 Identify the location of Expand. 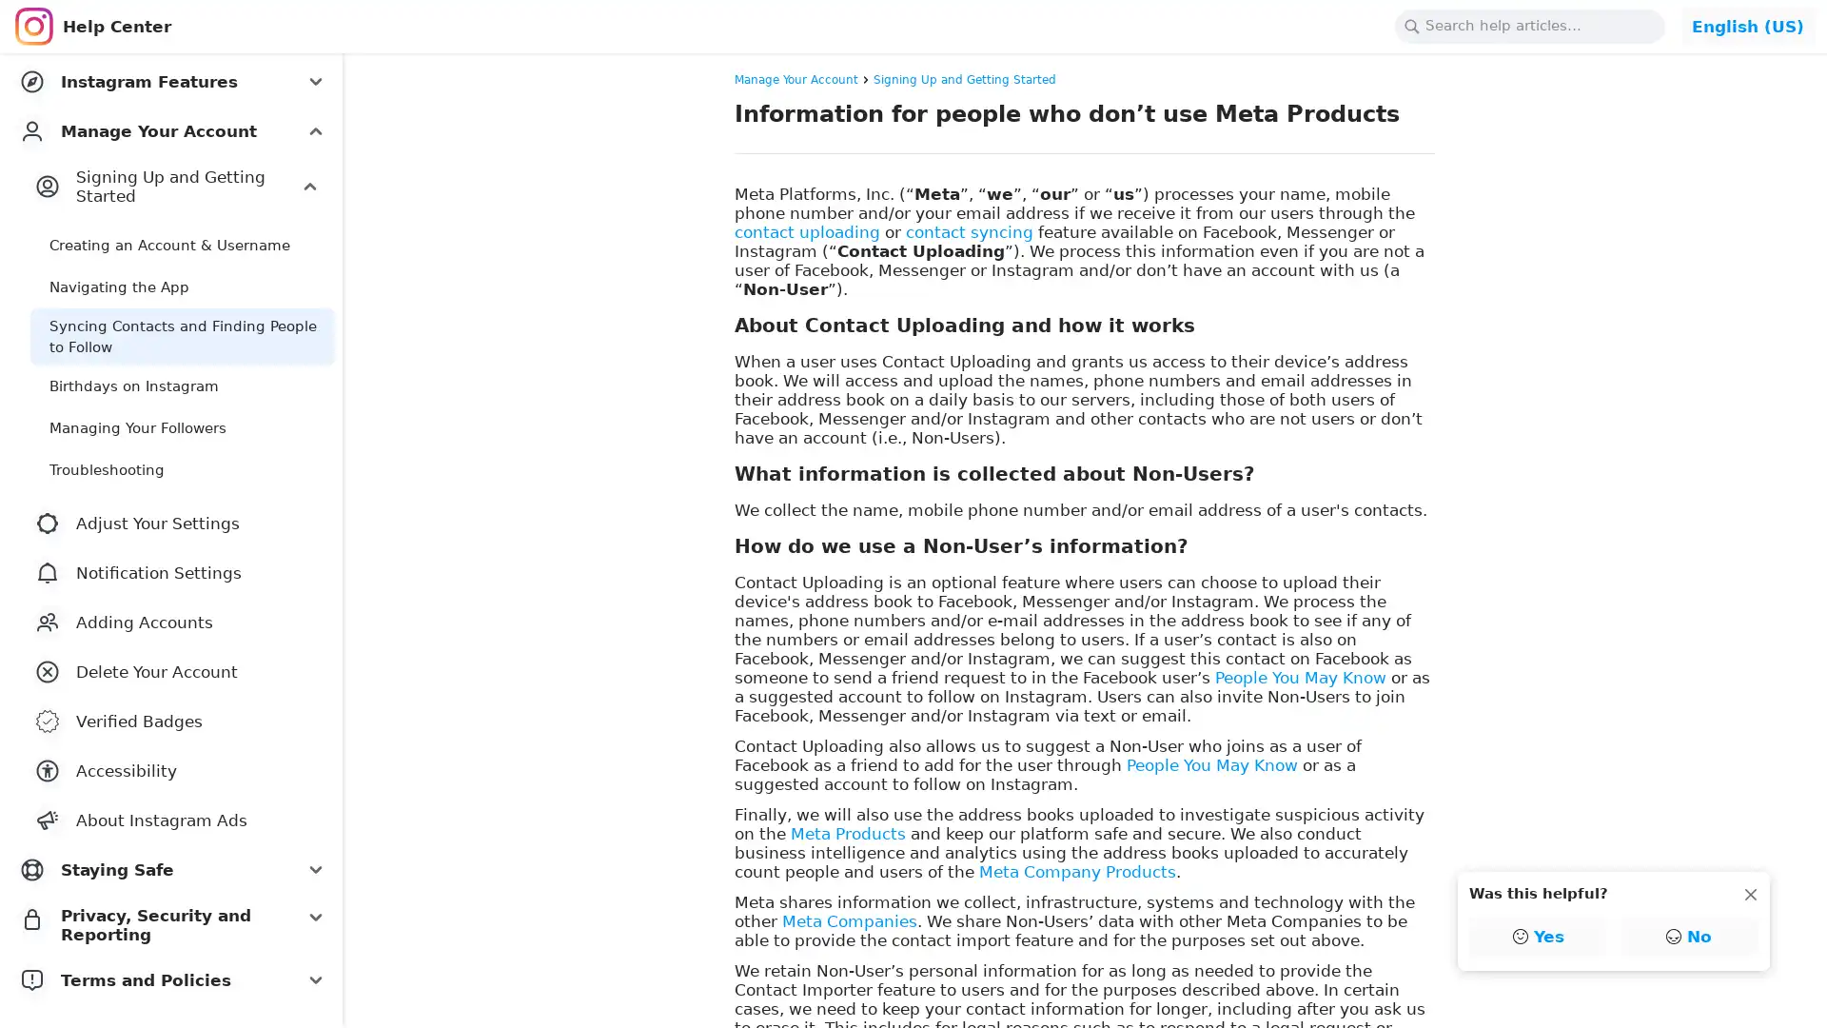
(310, 187).